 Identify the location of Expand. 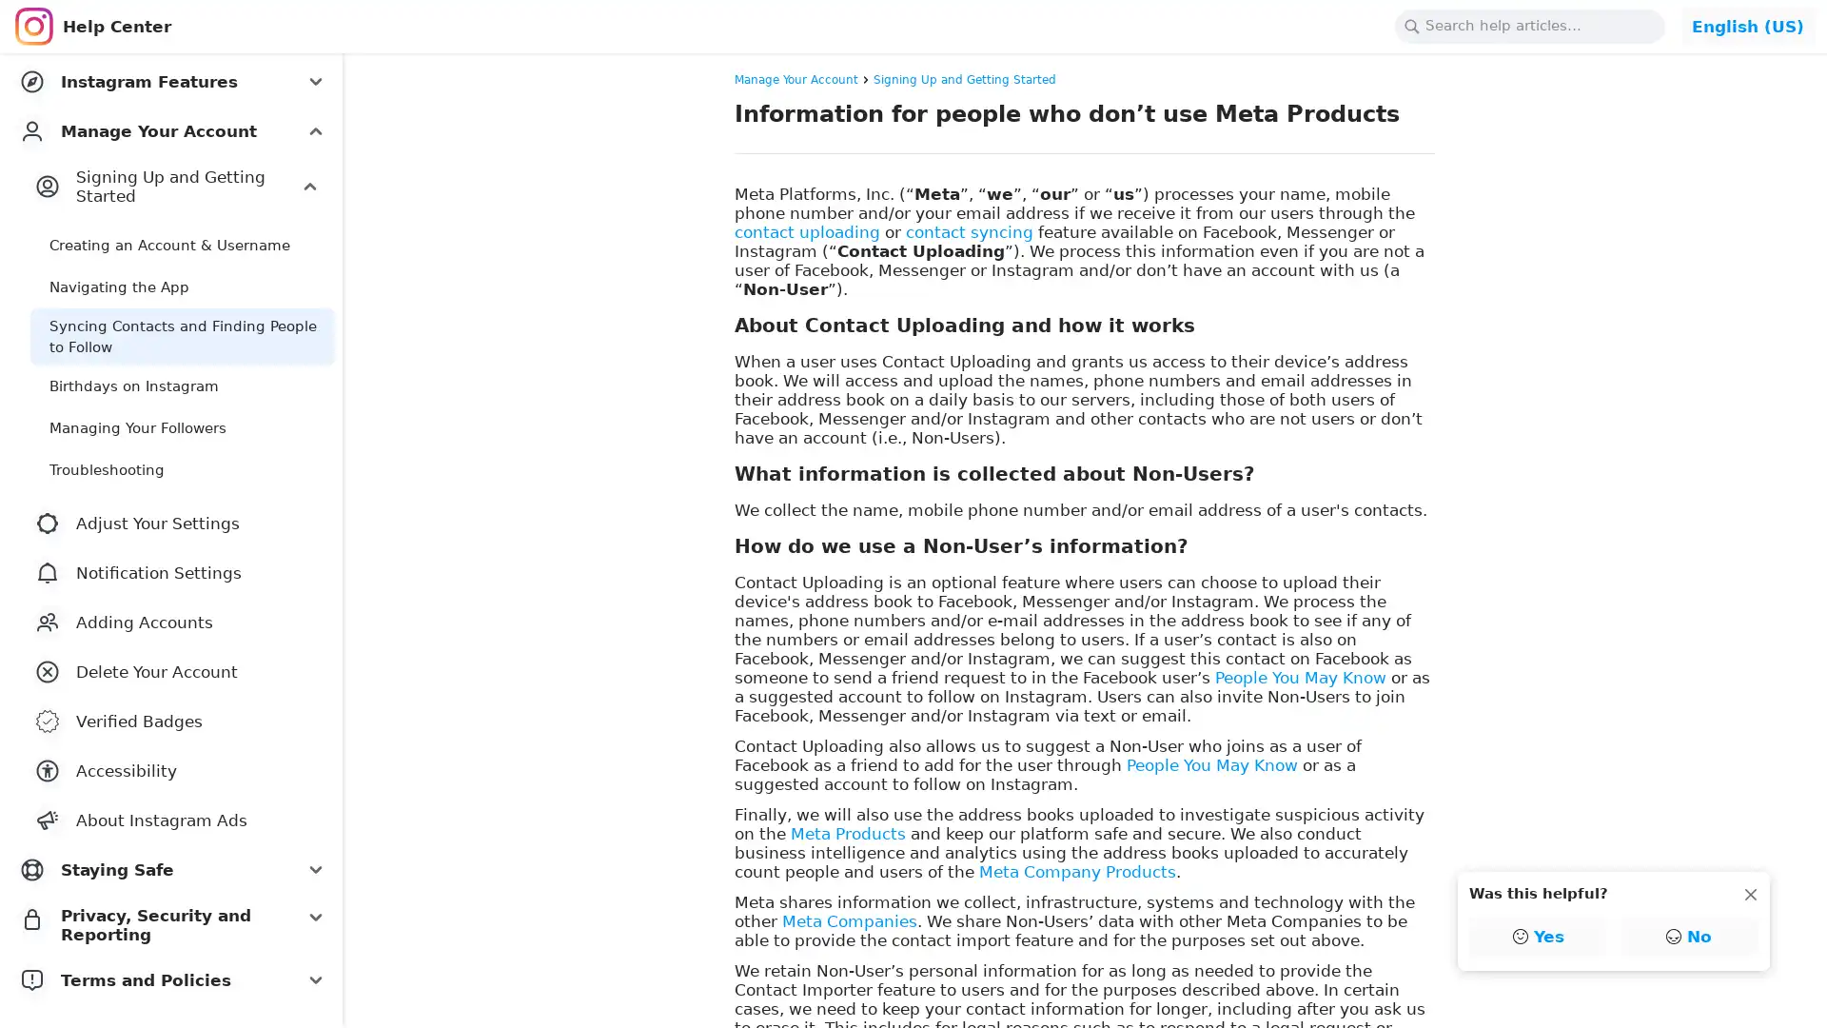
(310, 187).